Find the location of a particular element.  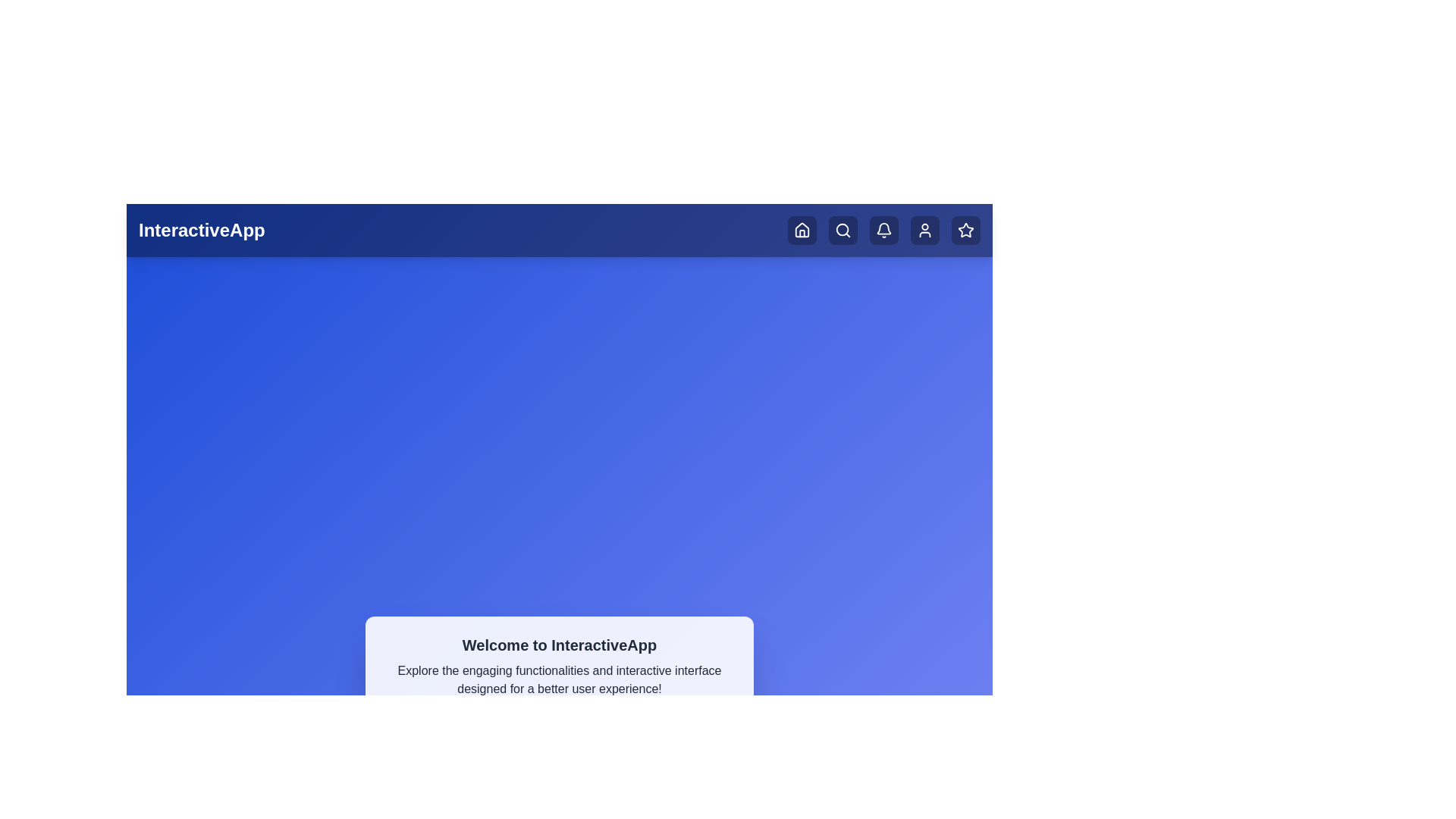

the search navigation button to navigate to the respective section is located at coordinates (843, 231).